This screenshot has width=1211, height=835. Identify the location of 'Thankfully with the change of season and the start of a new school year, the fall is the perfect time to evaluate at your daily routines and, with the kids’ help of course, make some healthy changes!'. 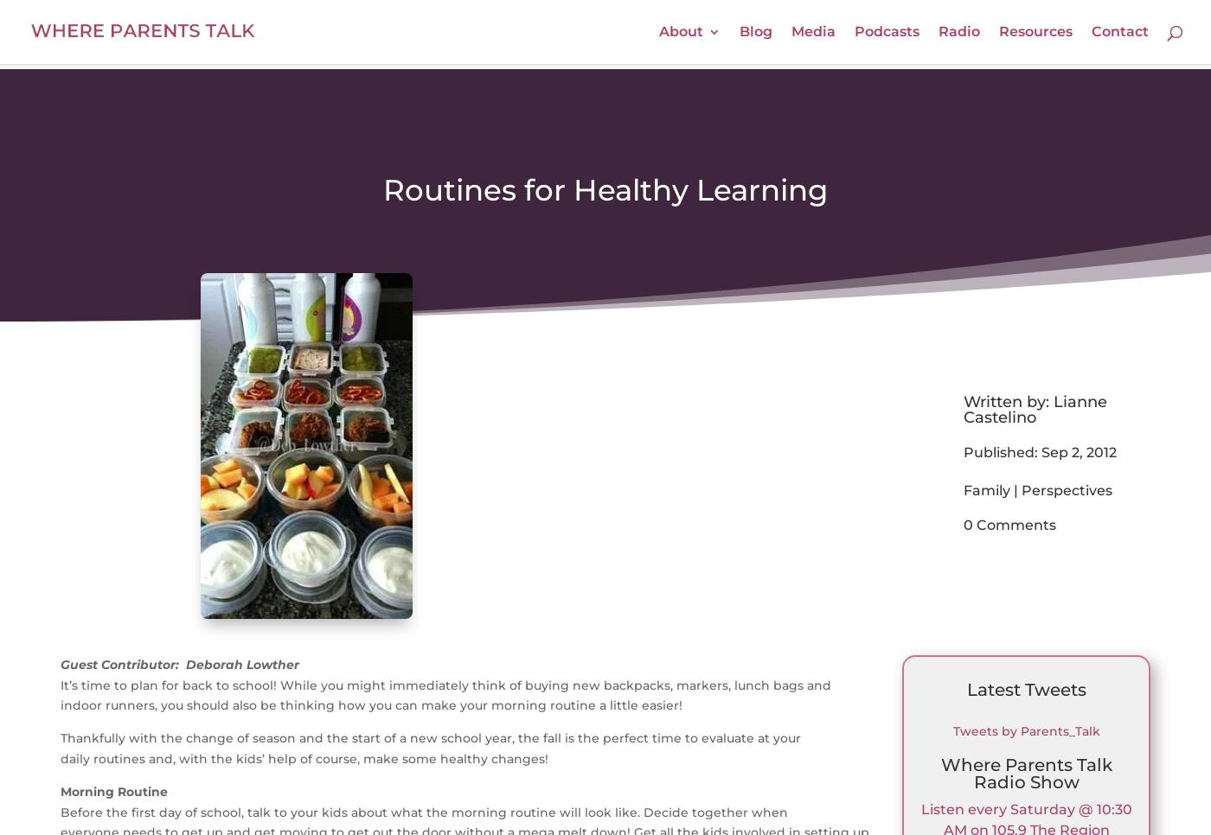
(430, 748).